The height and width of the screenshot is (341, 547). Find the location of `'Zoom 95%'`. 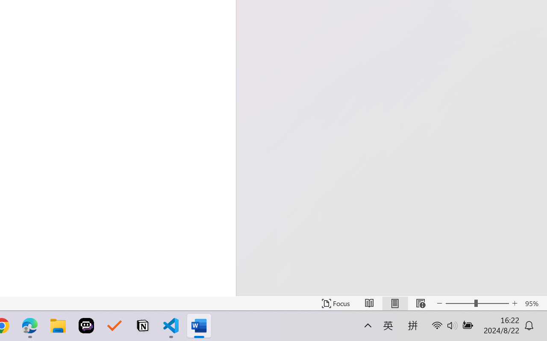

'Zoom 95%' is located at coordinates (533, 303).